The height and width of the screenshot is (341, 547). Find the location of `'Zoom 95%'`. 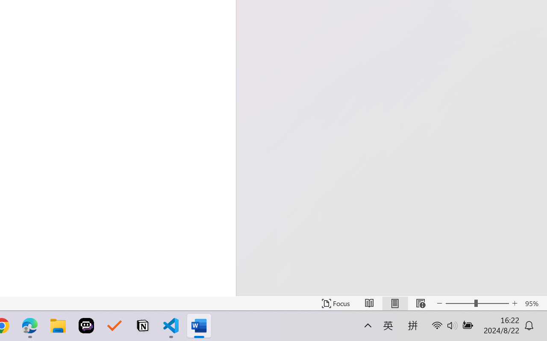

'Zoom 95%' is located at coordinates (533, 303).